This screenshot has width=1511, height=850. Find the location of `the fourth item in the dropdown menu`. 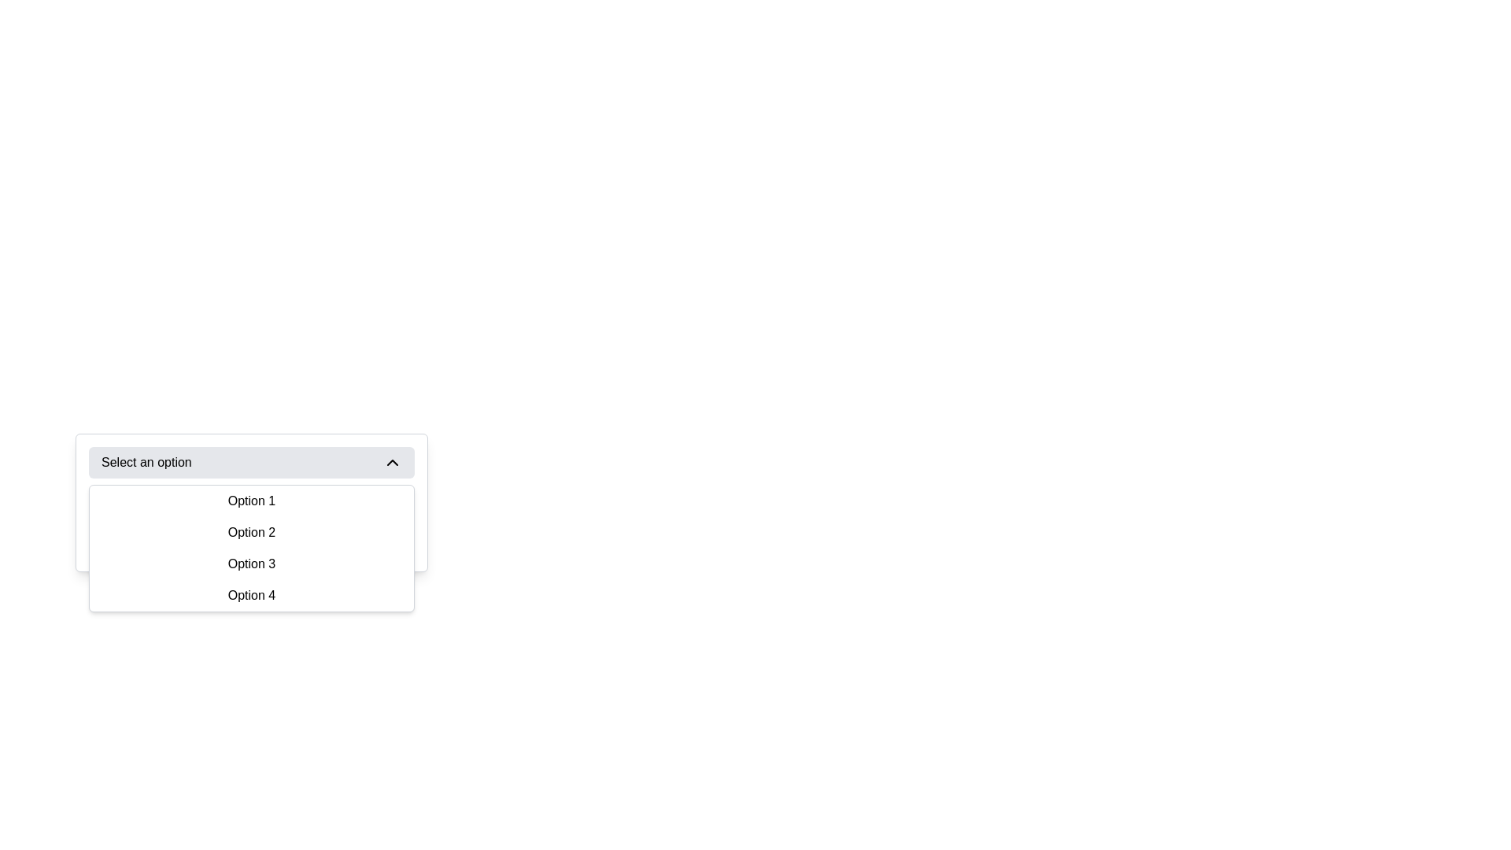

the fourth item in the dropdown menu is located at coordinates (252, 595).